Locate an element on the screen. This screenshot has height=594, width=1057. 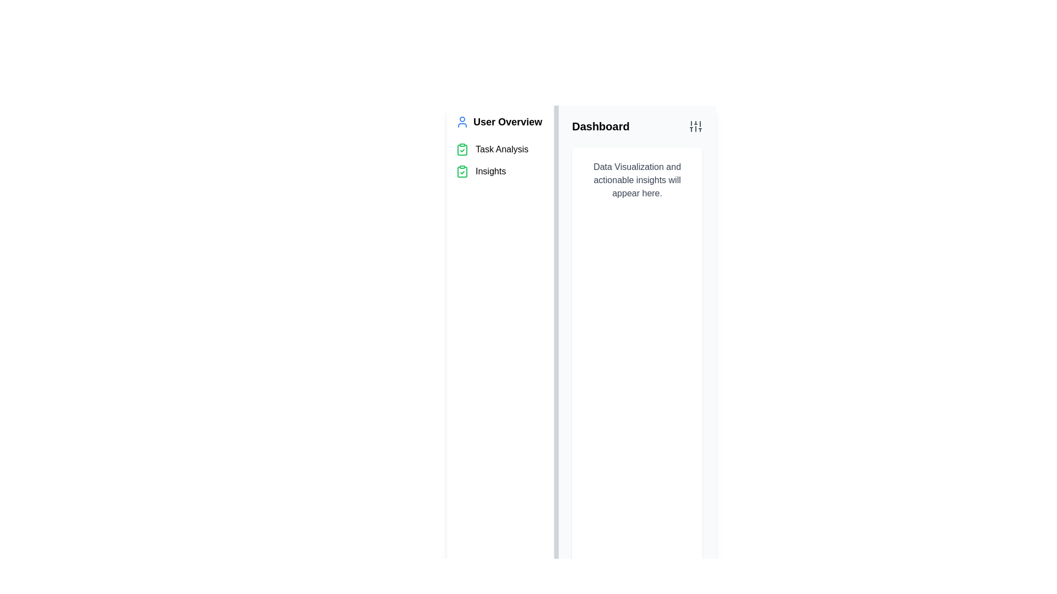
the 'Insights' navigation label, which is the second item under 'User Overview' in the sidebar is located at coordinates (500, 172).